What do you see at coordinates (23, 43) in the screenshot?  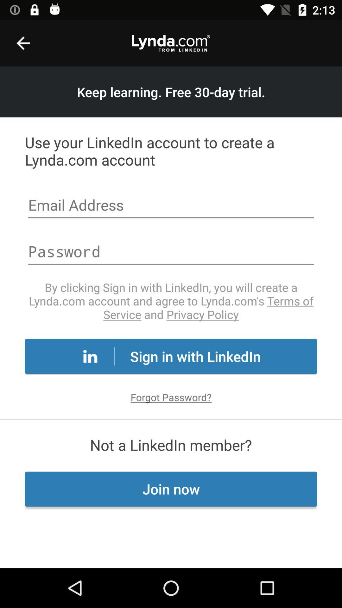 I see `icon above the keep learning free icon` at bounding box center [23, 43].